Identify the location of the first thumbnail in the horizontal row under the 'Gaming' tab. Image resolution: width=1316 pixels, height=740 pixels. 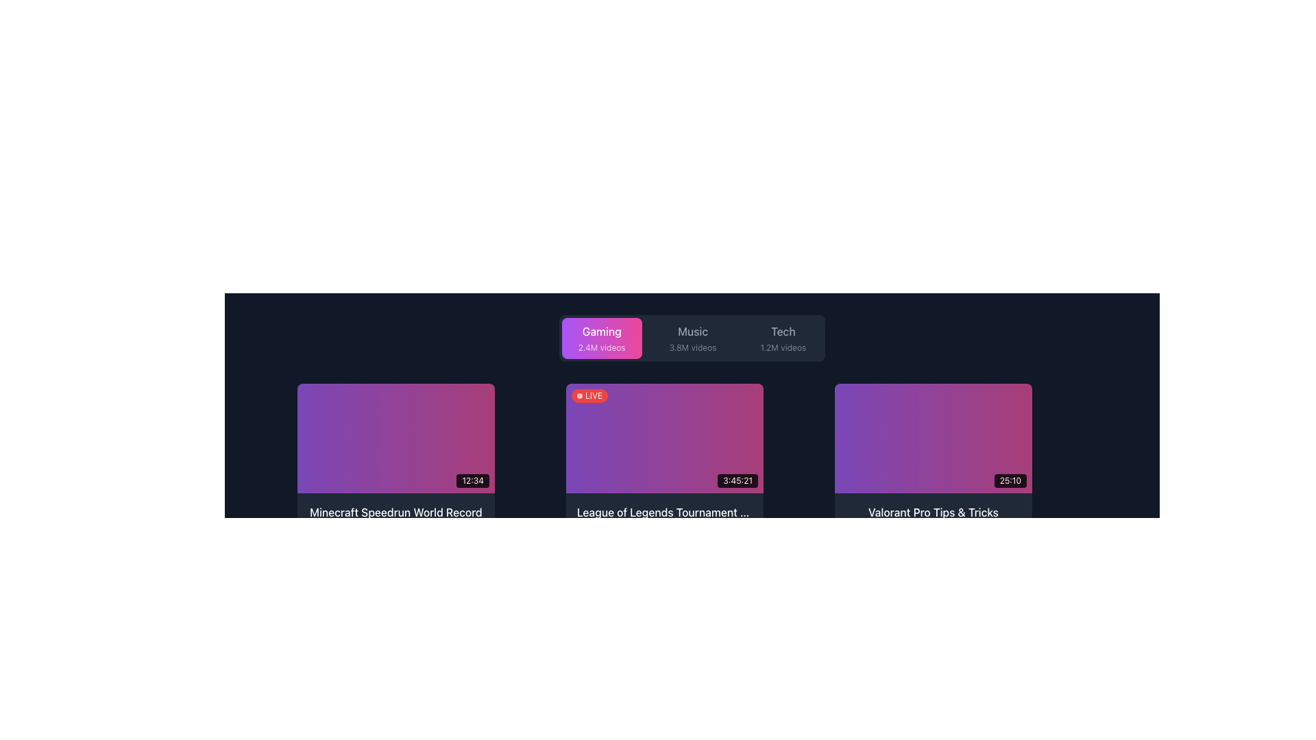
(395, 439).